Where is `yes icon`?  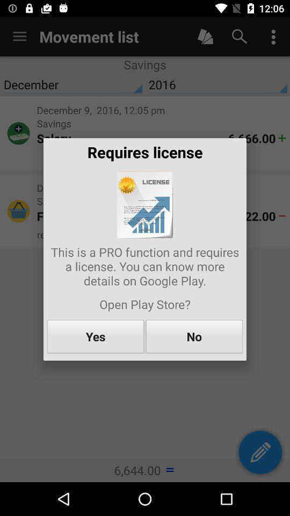
yes icon is located at coordinates (96, 336).